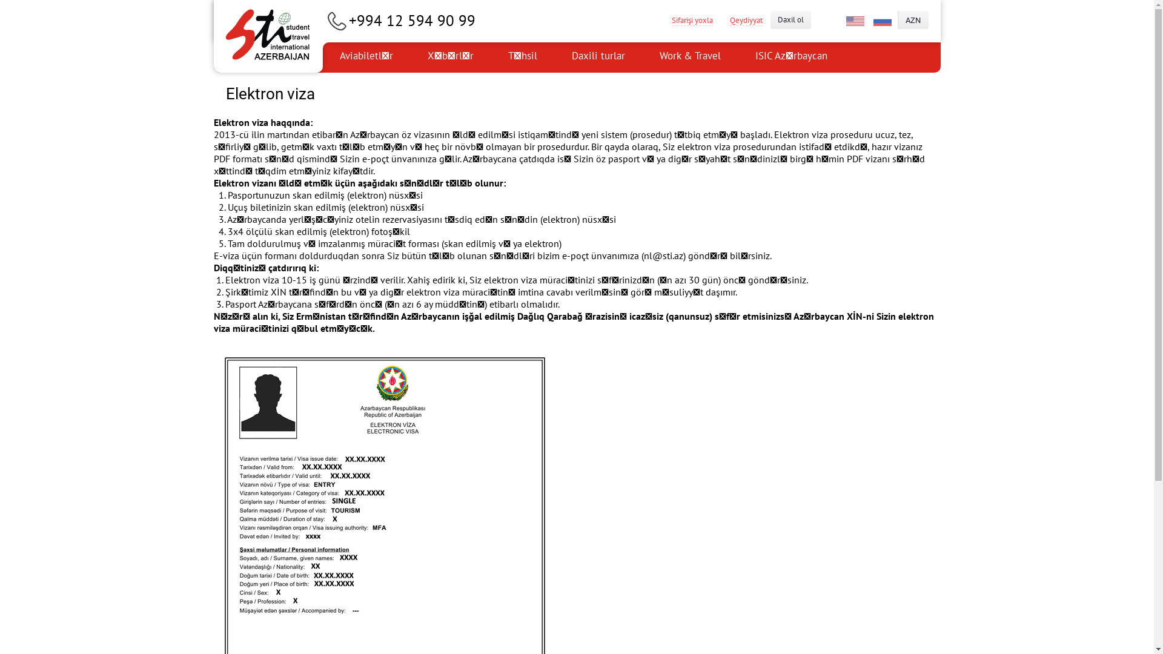 The image size is (1163, 654). Describe the element at coordinates (790, 20) in the screenshot. I see `'Daxil ol'` at that location.